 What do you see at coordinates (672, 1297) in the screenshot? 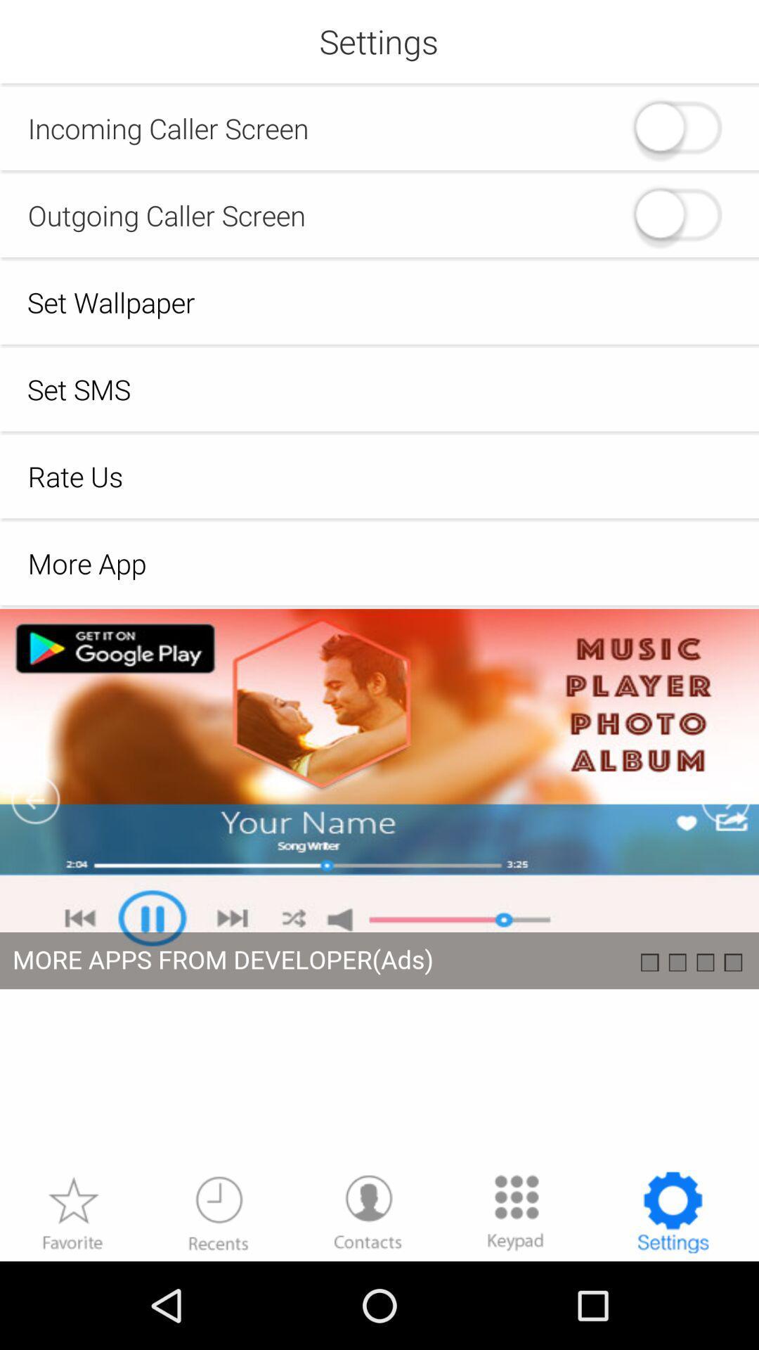
I see `the settings icon` at bounding box center [672, 1297].